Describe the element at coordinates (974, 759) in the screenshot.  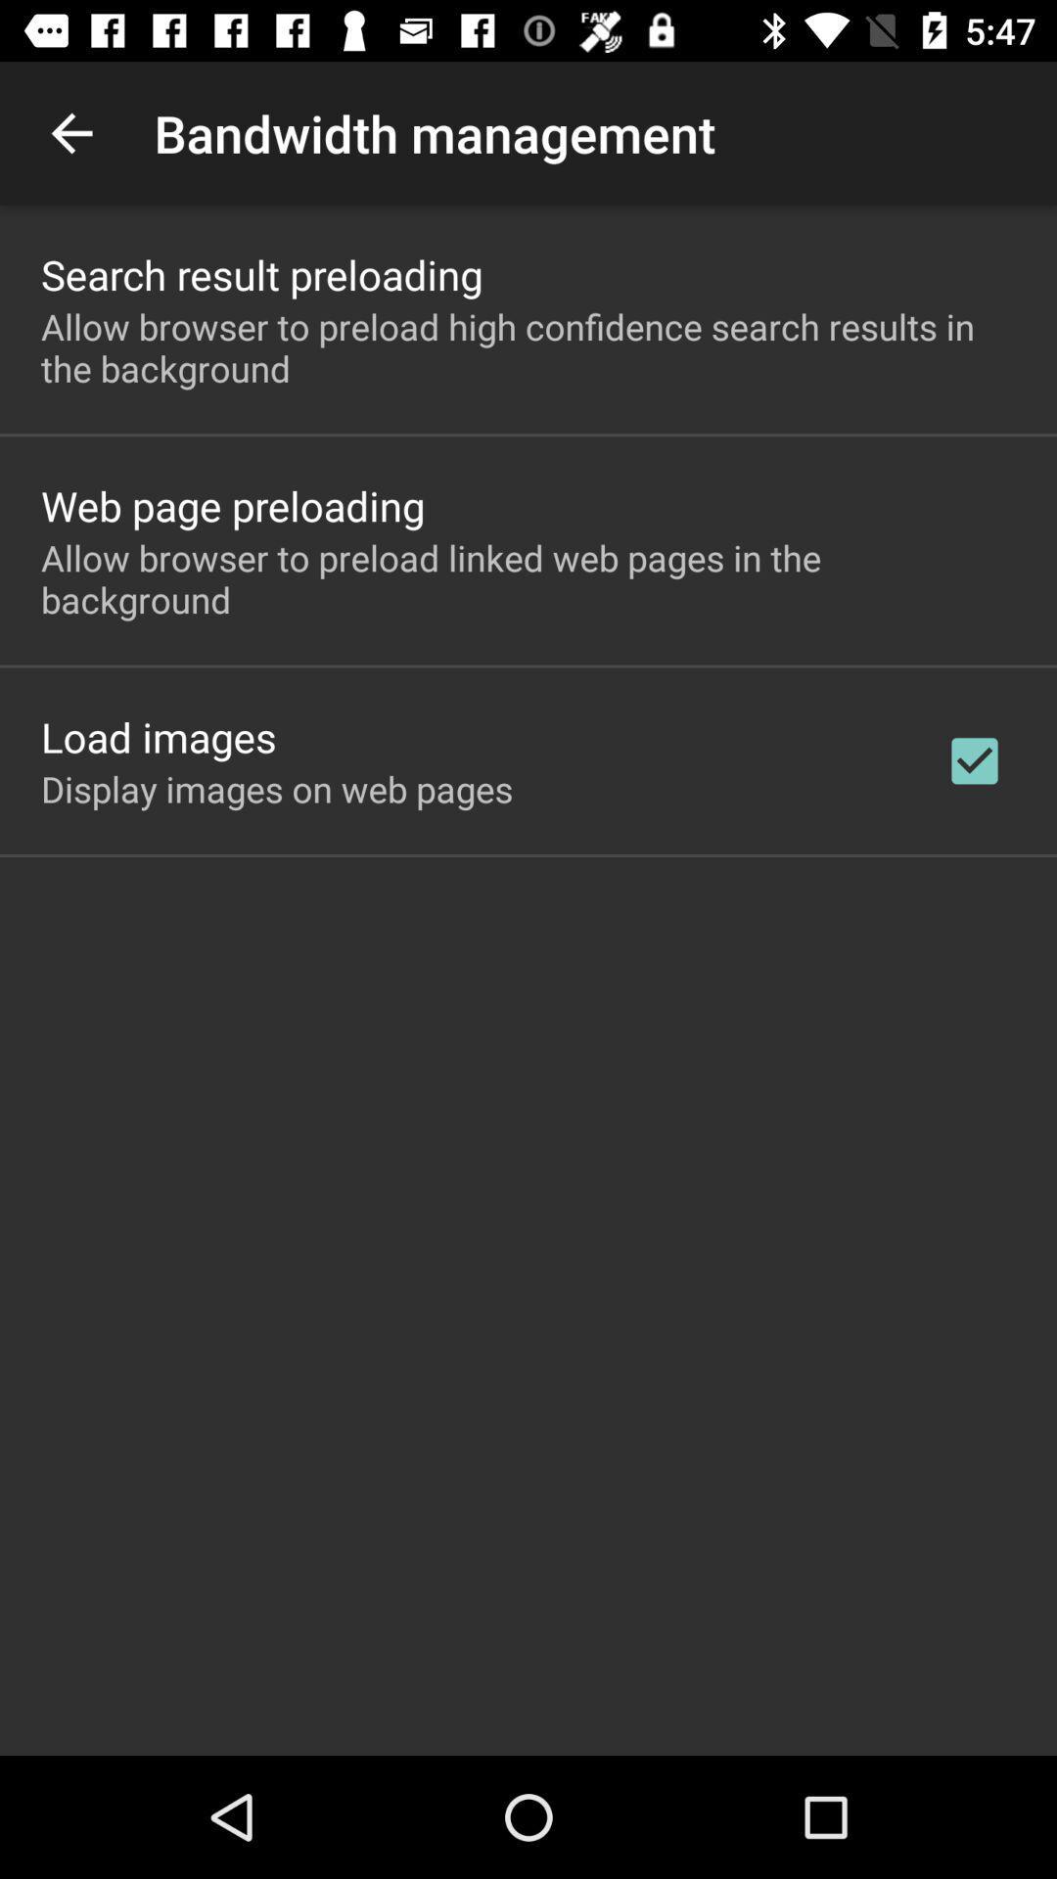
I see `item to the right of the display images on` at that location.